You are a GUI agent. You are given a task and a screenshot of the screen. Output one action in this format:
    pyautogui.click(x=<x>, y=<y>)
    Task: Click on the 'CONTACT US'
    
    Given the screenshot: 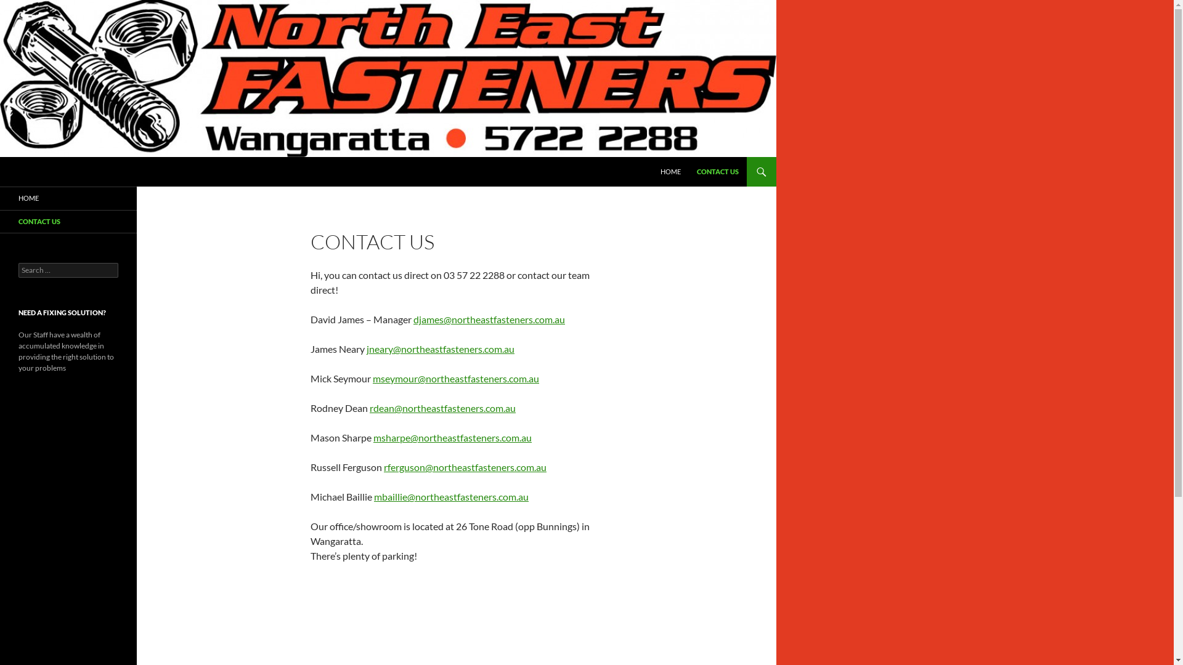 What is the action you would take?
    pyautogui.click(x=67, y=222)
    